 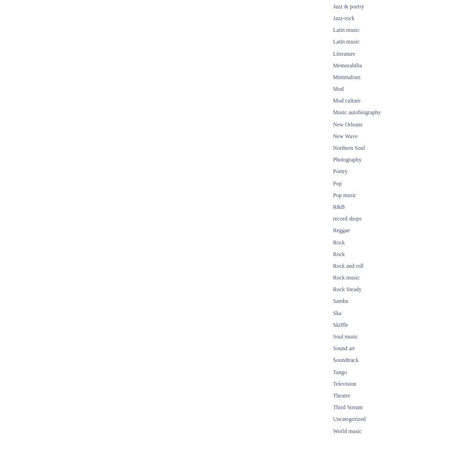 I want to click on 'World music', so click(x=347, y=430).